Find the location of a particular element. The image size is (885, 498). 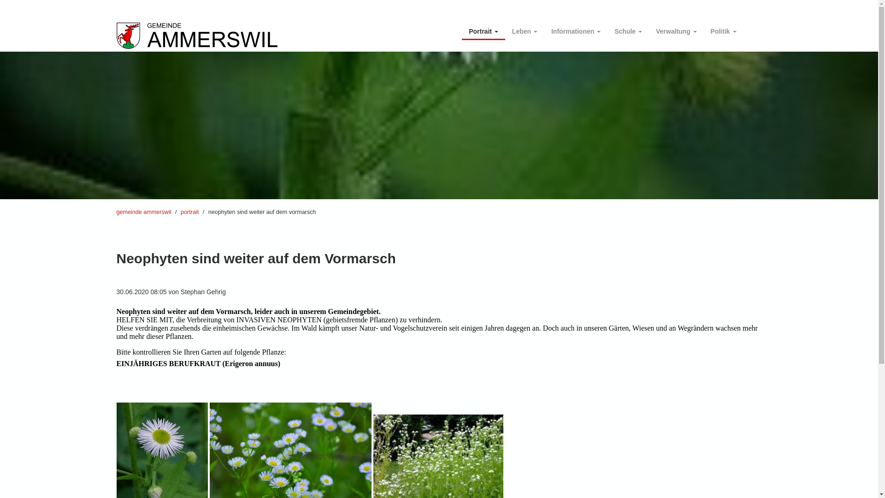

'gemeinde ammerswil' is located at coordinates (143, 212).